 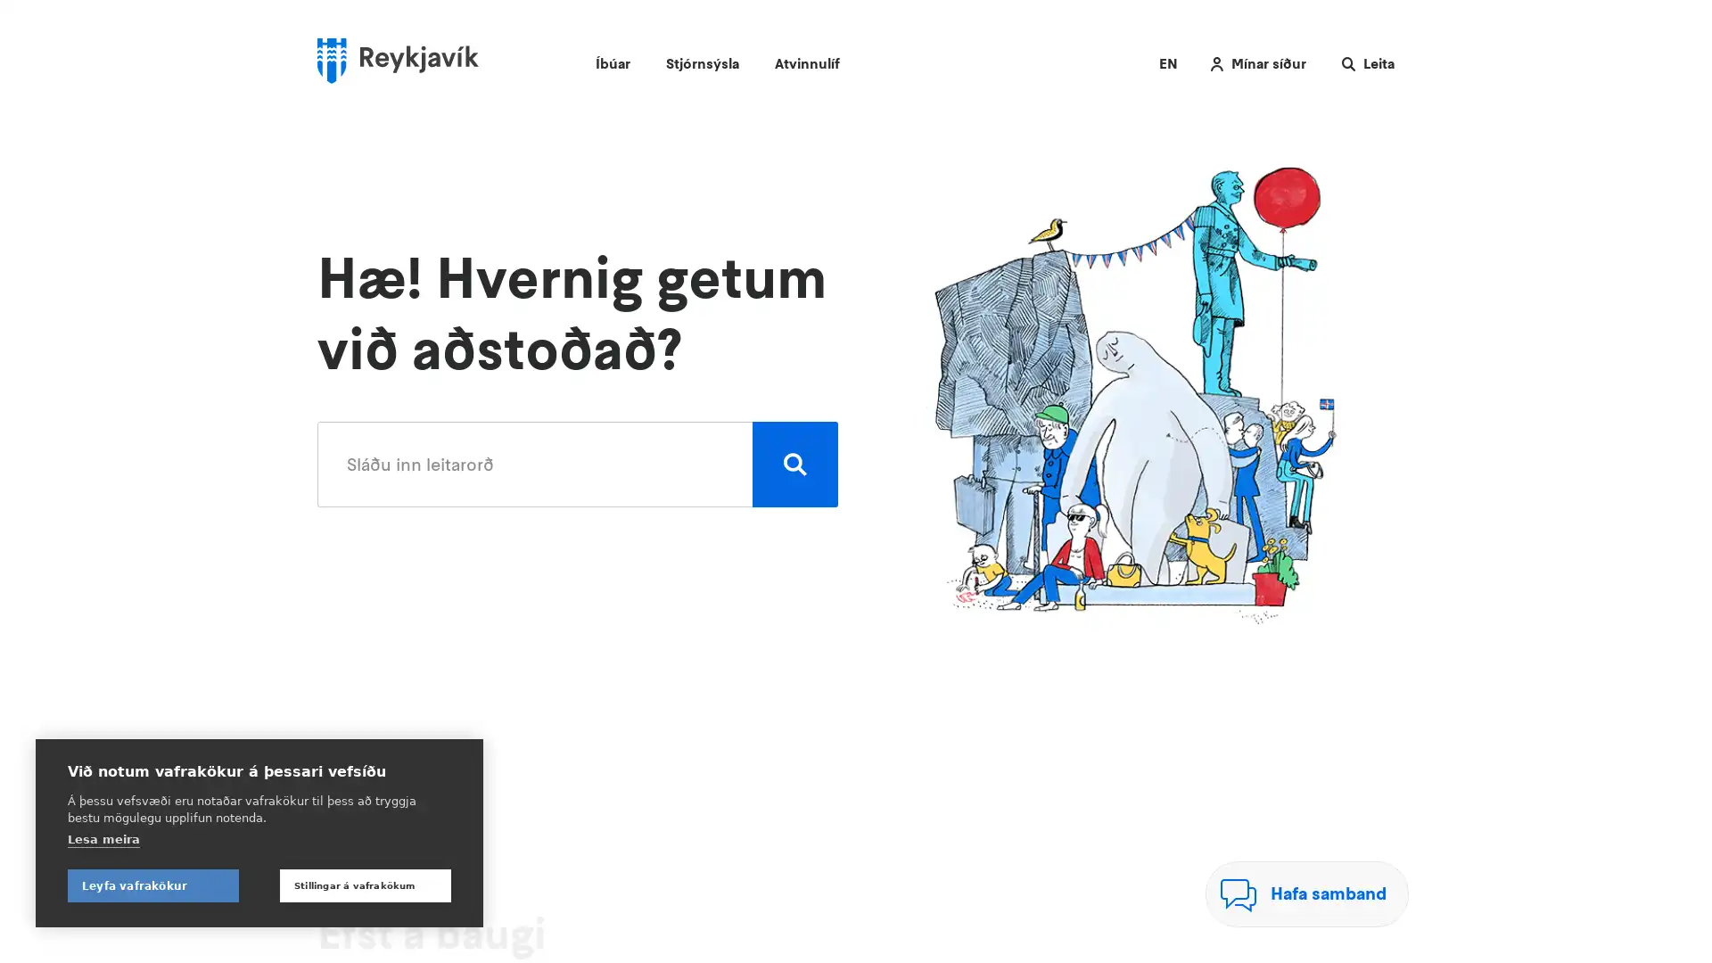 What do you see at coordinates (794, 463) in the screenshot?
I see `Leita` at bounding box center [794, 463].